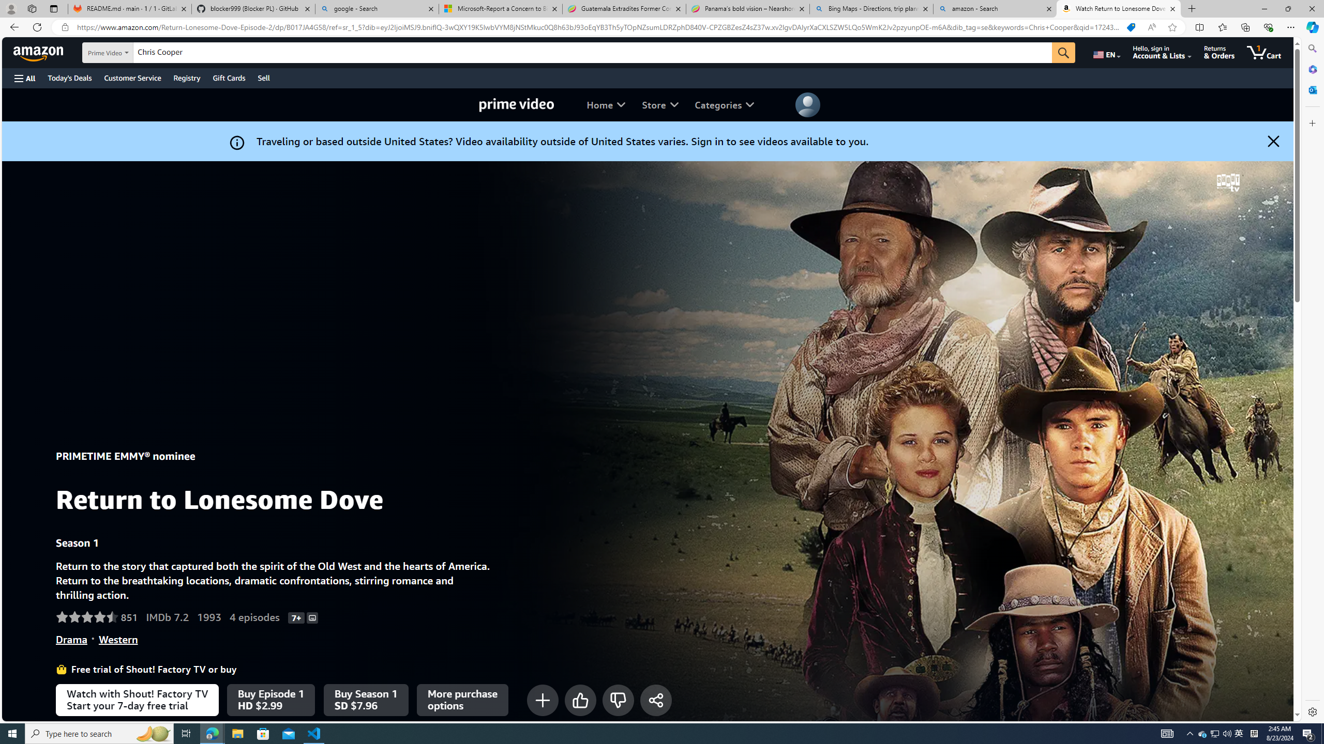  I want to click on 'Customer Service', so click(132, 78).